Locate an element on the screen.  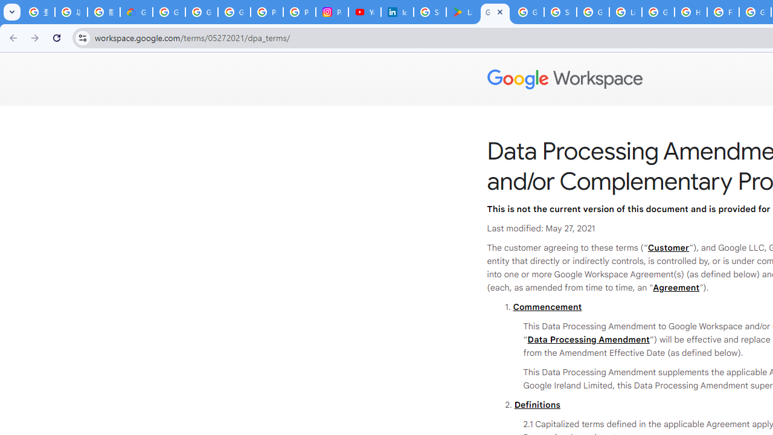
'Privacy Help Center - Policies Help' is located at coordinates (300, 12).